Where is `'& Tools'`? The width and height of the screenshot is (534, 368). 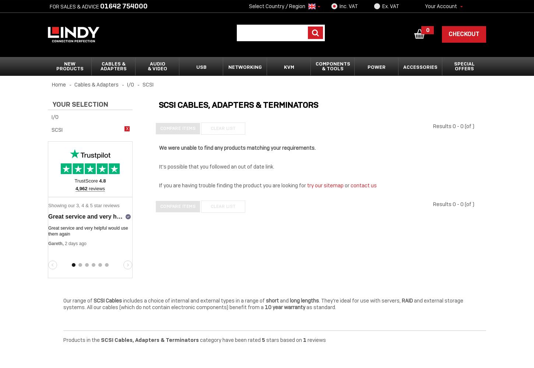
'& Tools' is located at coordinates (332, 68).